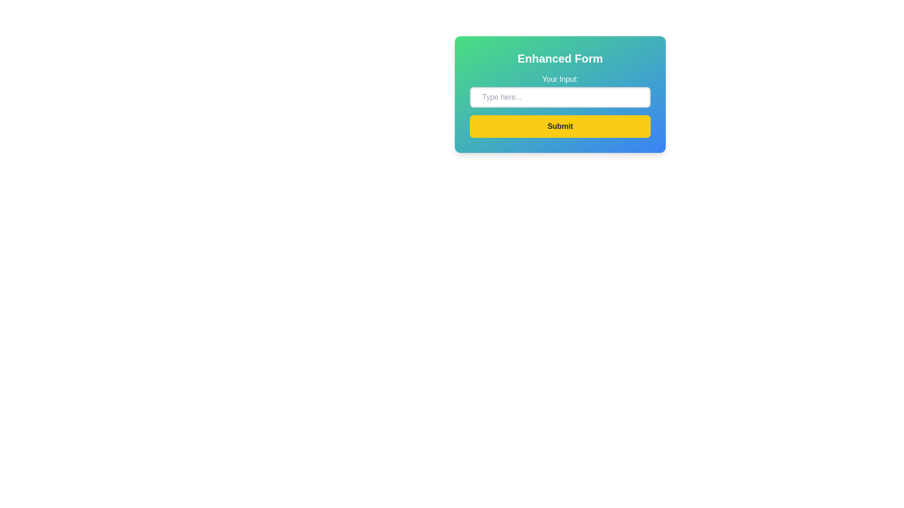 Image resolution: width=904 pixels, height=508 pixels. I want to click on the heading text label that serves as the title for the form, positioned at the uppermost section of the interface, so click(560, 58).